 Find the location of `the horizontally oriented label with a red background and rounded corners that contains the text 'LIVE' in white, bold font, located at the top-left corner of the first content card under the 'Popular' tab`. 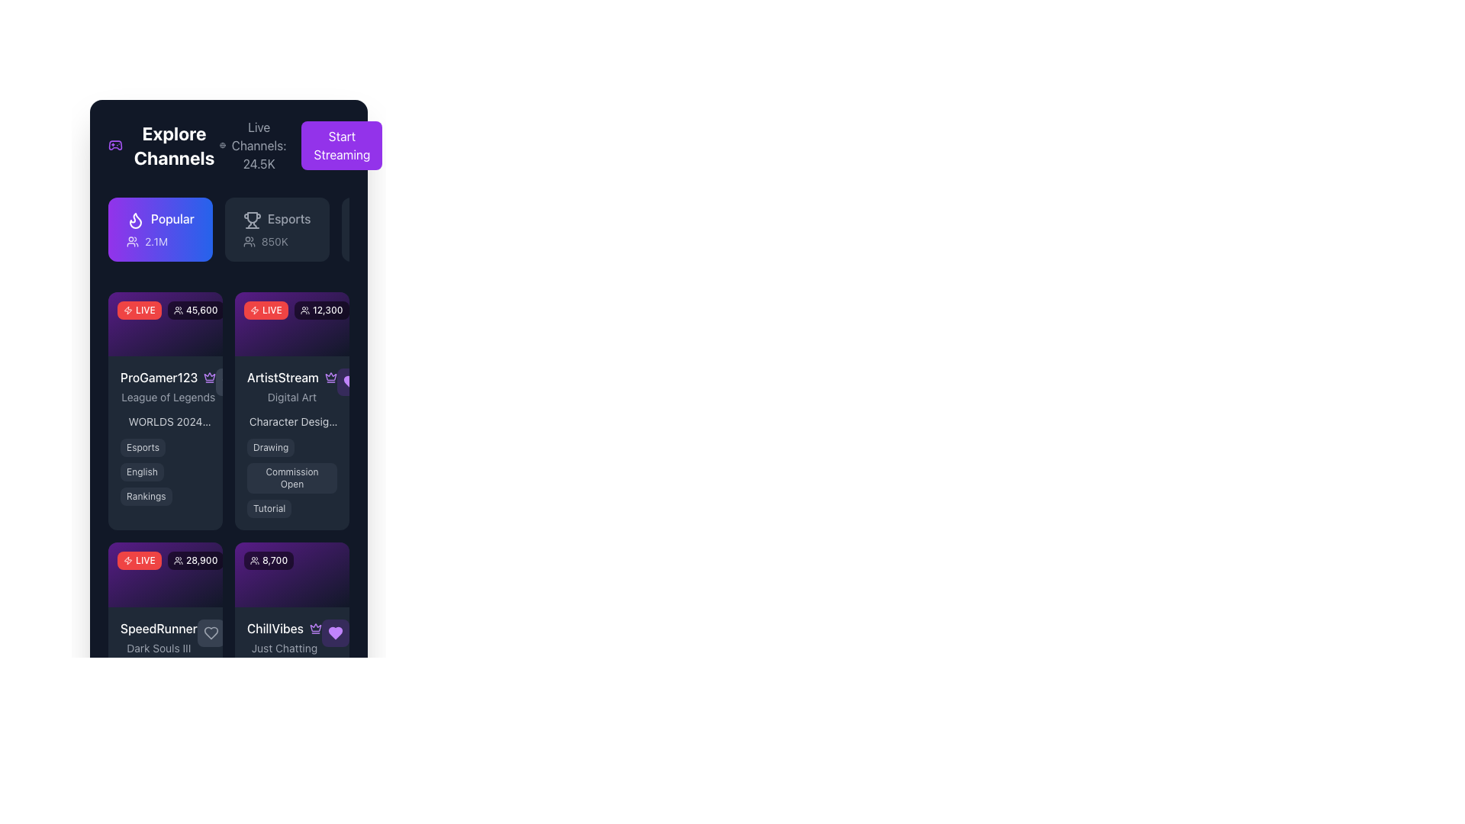

the horizontally oriented label with a red background and rounded corners that contains the text 'LIVE' in white, bold font, located at the top-left corner of the first content card under the 'Popular' tab is located at coordinates (139, 310).